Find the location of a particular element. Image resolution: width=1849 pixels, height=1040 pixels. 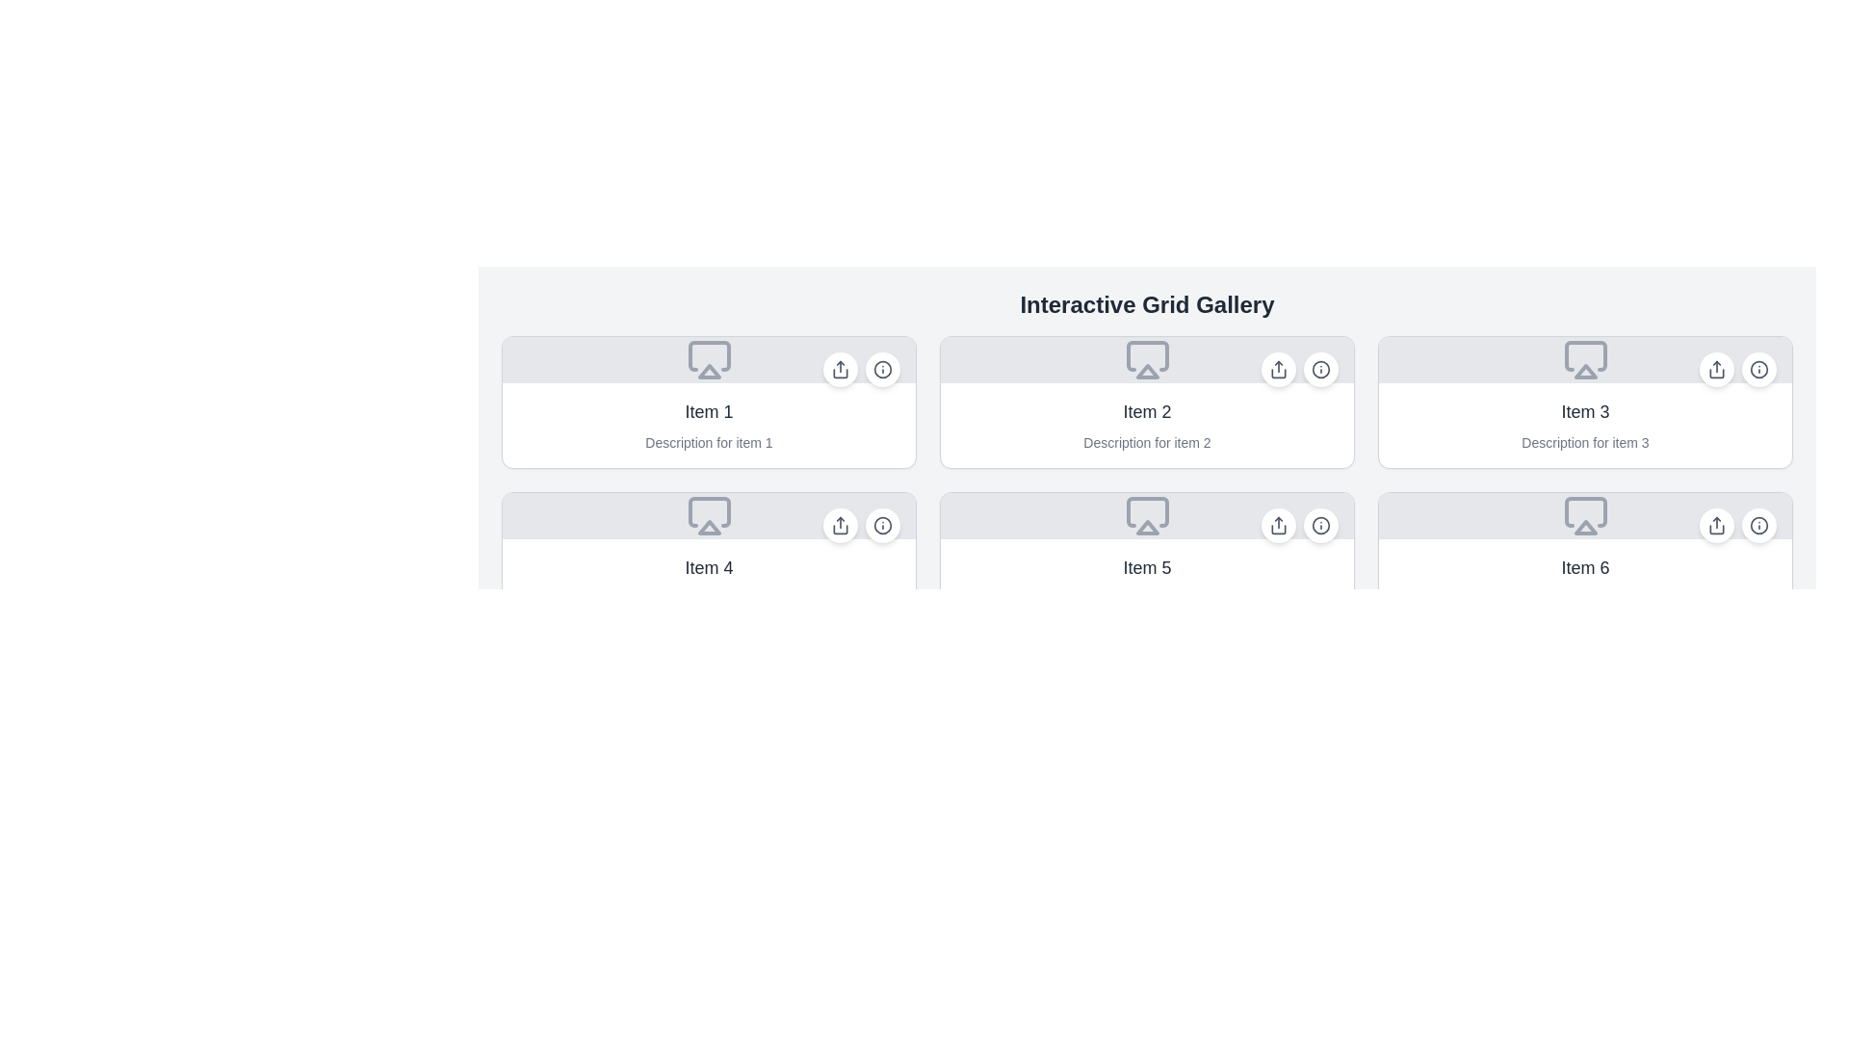

the circular button with a white background and an info icon located in the top right corner of the panel associated with 'Item 6' is located at coordinates (1759, 526).